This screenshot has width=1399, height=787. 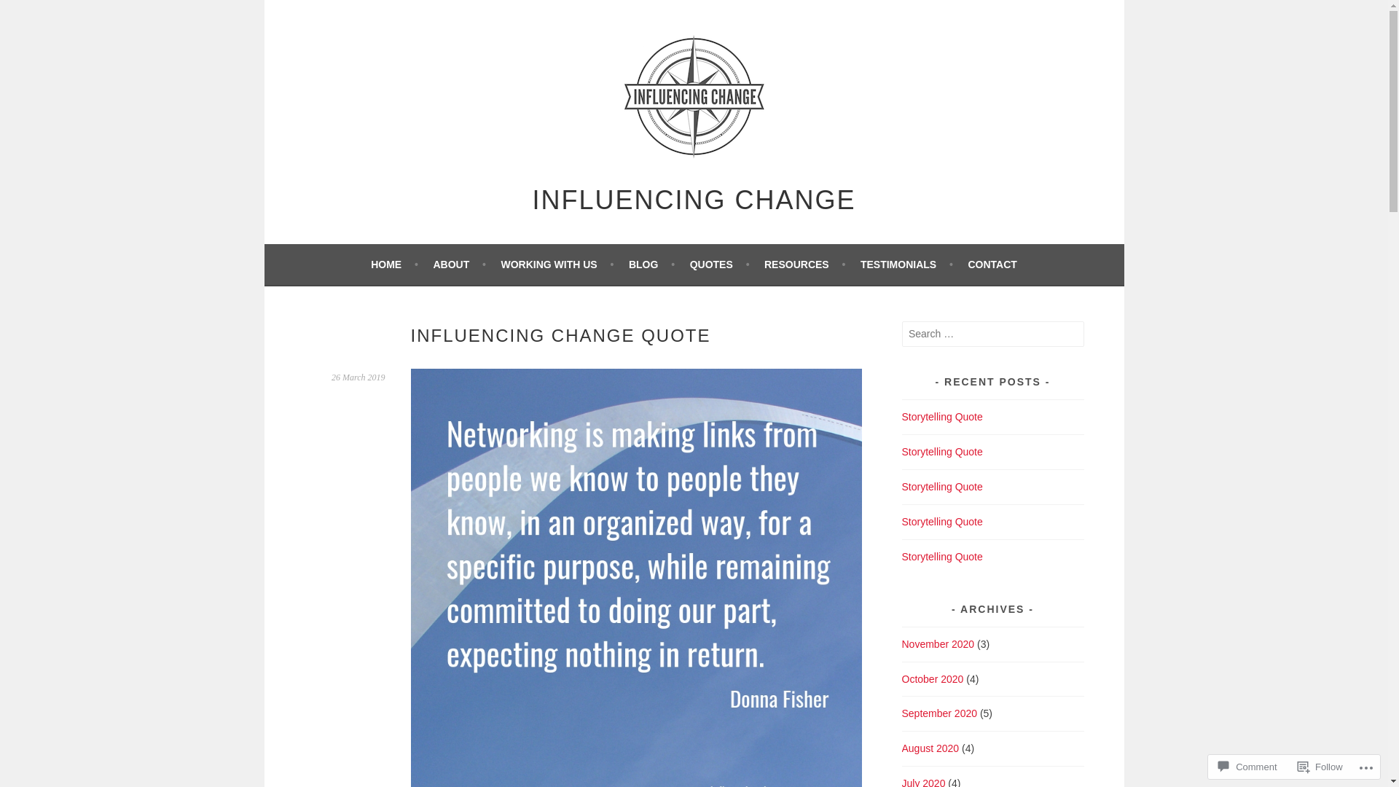 I want to click on 'October 2020', so click(x=933, y=679).